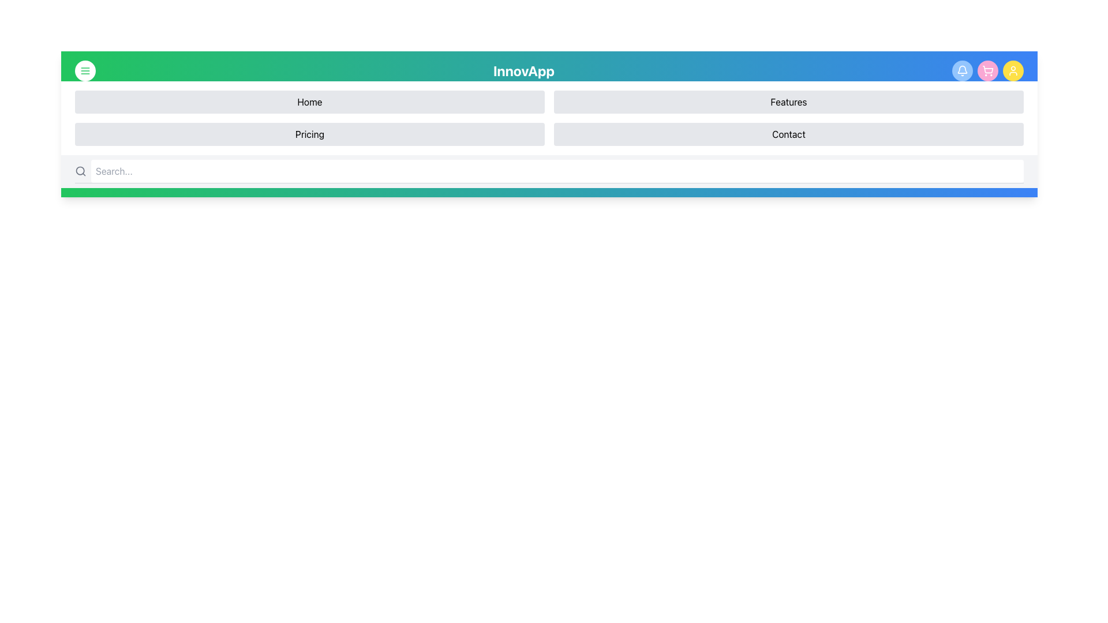 This screenshot has height=623, width=1108. Describe the element at coordinates (85, 71) in the screenshot. I see `the menu icon, which is a compact icon with three horizontal lines stacked vertically and a green stroke, located at the top left corner of the interface` at that location.